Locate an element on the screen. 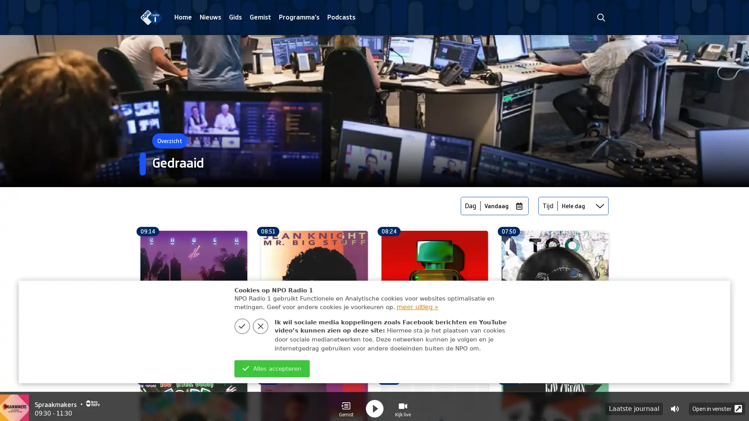  Laatste journaal is located at coordinates (634, 404).